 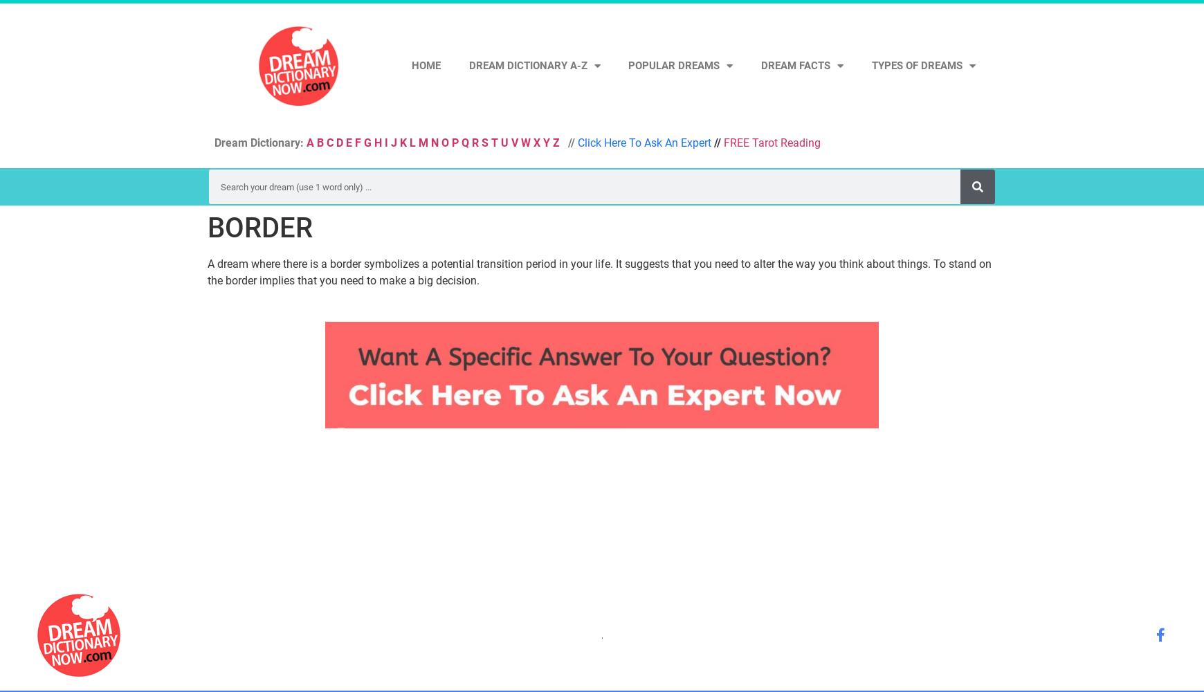 What do you see at coordinates (772, 142) in the screenshot?
I see `'FREE Tarot Reading'` at bounding box center [772, 142].